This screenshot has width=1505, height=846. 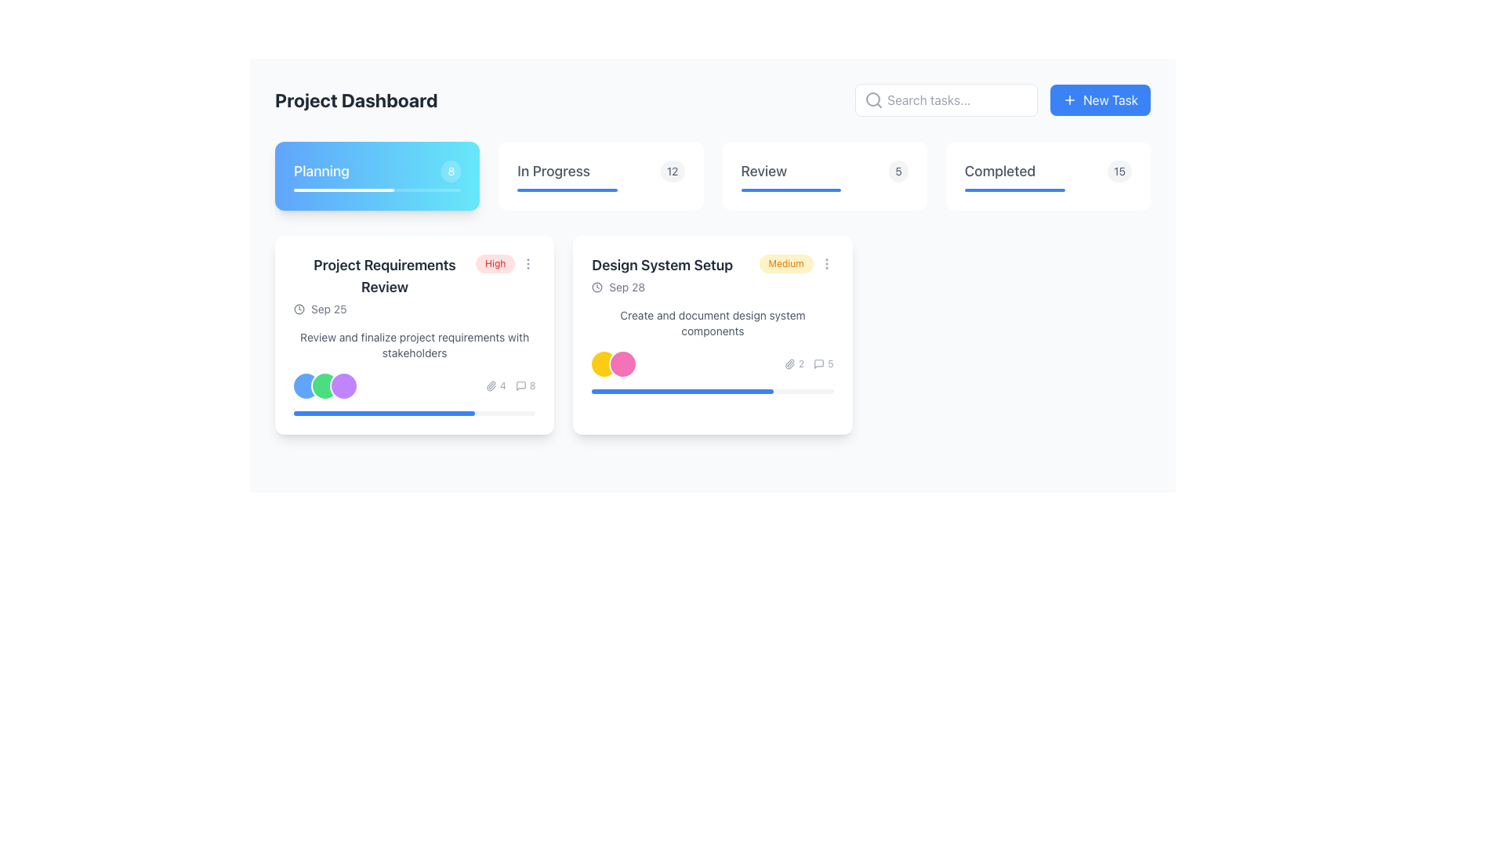 I want to click on the first task card in the project management interface, which contains details about the task including title, priority, due date, and participant avatars, so click(x=415, y=334).